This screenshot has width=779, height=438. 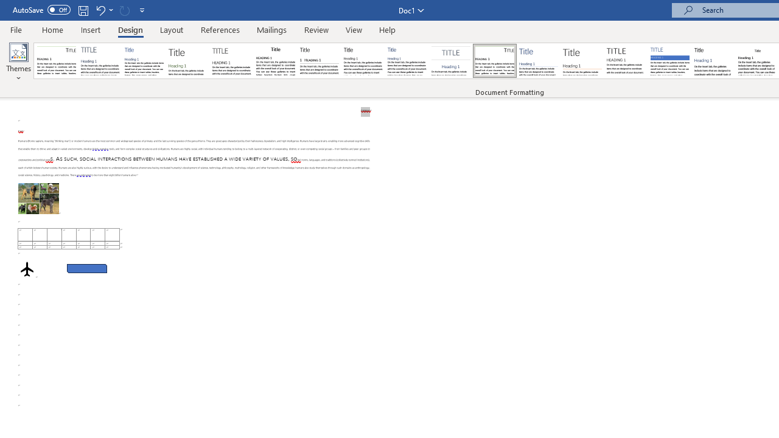 I want to click on 'References', so click(x=220, y=29).